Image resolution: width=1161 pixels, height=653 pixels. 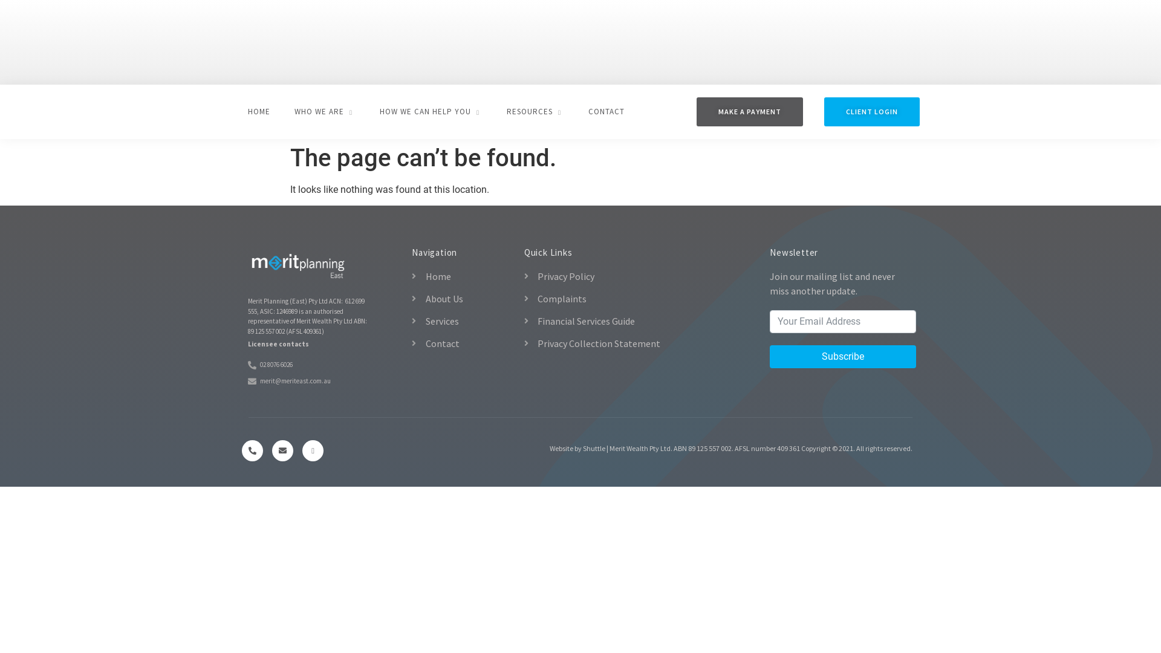 I want to click on 'HOME', so click(x=258, y=112).